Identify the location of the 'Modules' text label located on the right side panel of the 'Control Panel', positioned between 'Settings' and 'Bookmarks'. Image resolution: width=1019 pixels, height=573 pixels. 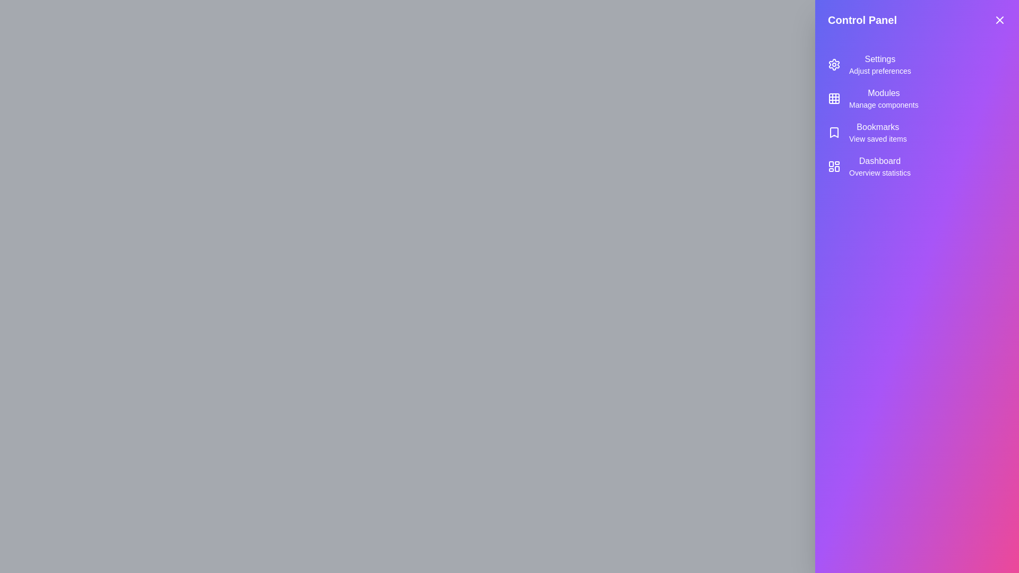
(884, 93).